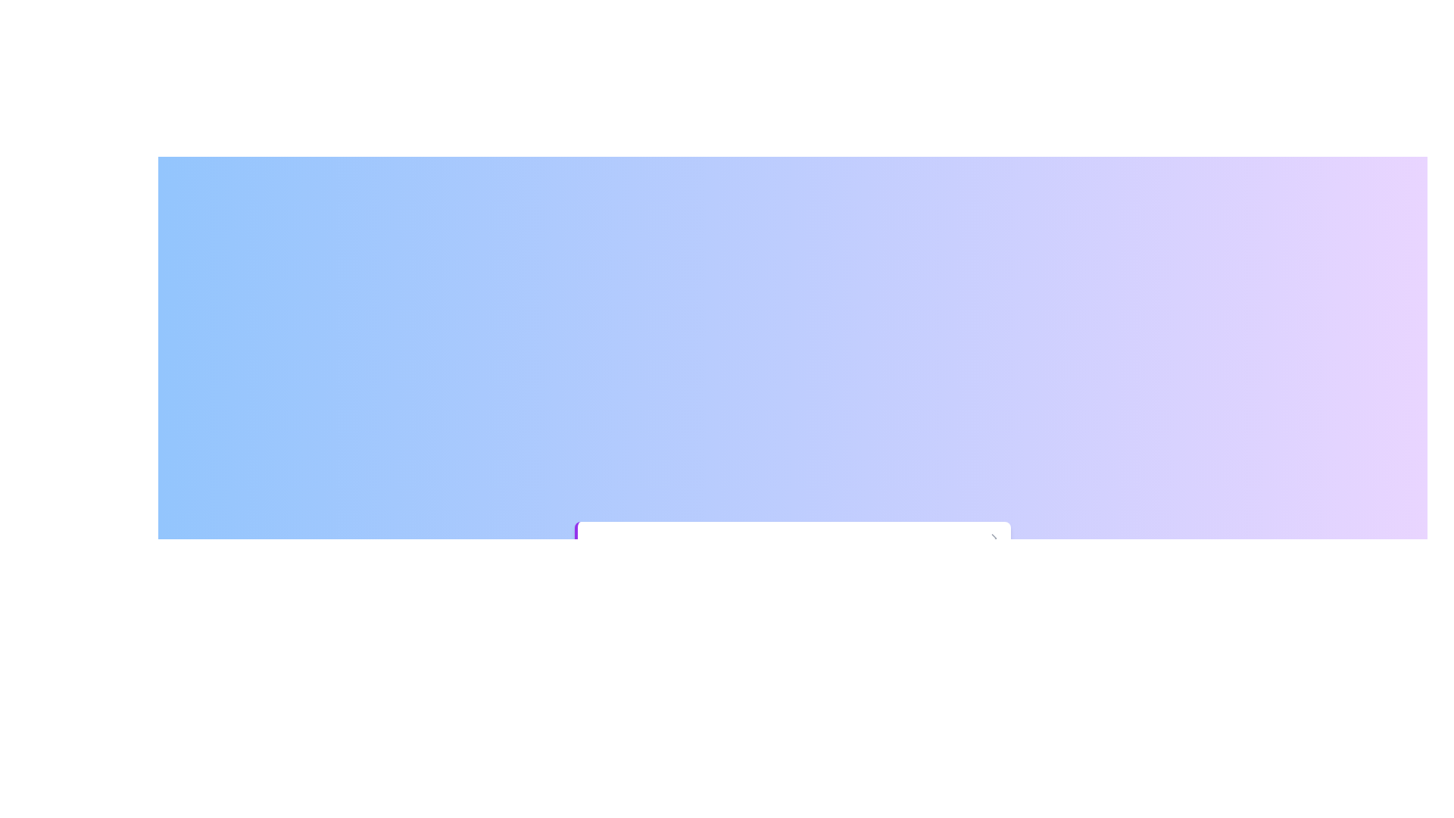 This screenshot has height=818, width=1454. Describe the element at coordinates (994, 537) in the screenshot. I see `the right-chevron arrow icon located in the bottom right section of the interface, which serves as a navigational aid to proceed forward` at that location.